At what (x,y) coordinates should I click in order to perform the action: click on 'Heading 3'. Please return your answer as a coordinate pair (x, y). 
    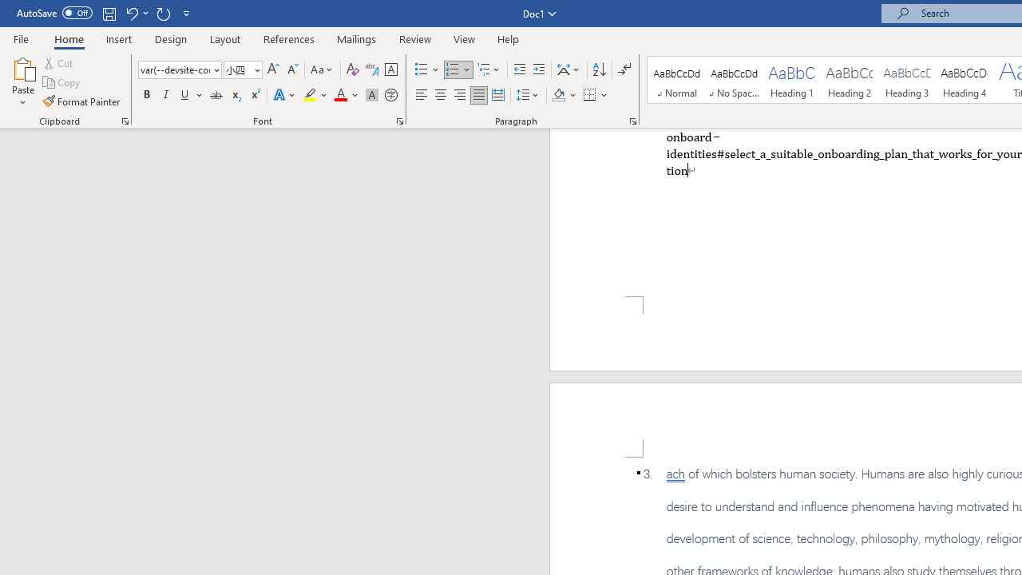
    Looking at the image, I should click on (907, 80).